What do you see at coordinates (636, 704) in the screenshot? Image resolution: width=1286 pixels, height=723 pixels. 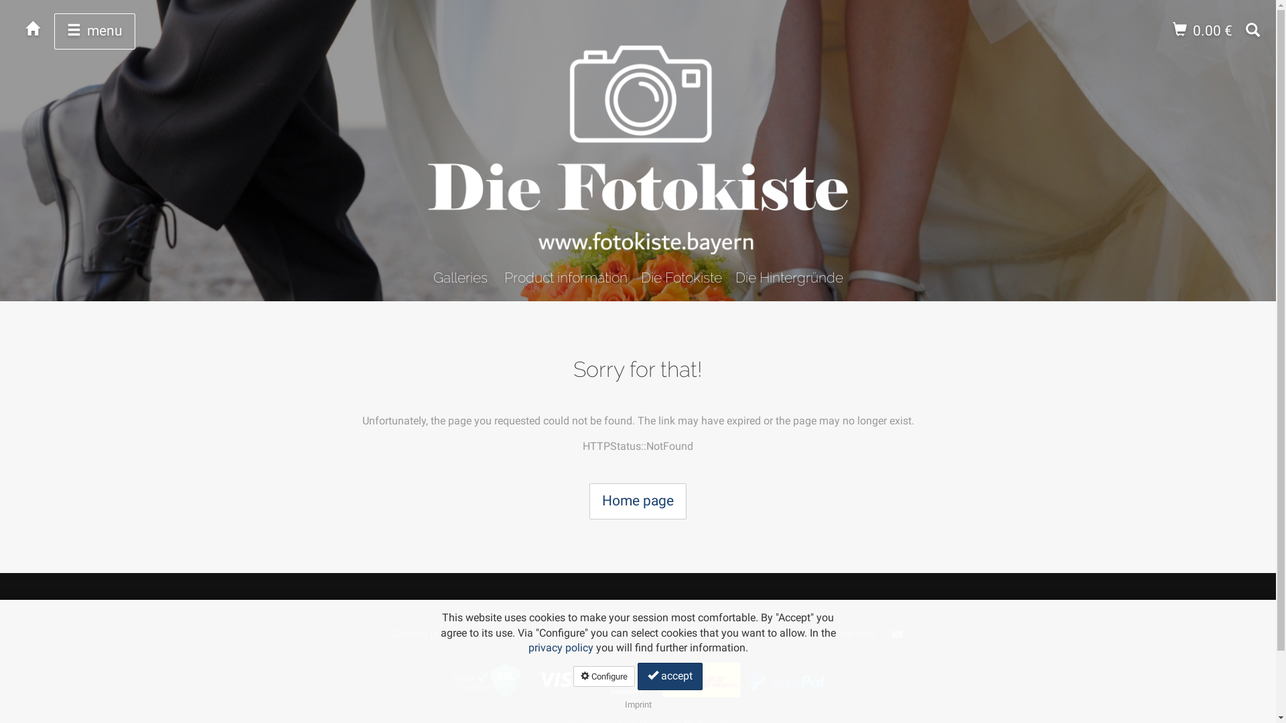 I see `'Imprint'` at bounding box center [636, 704].